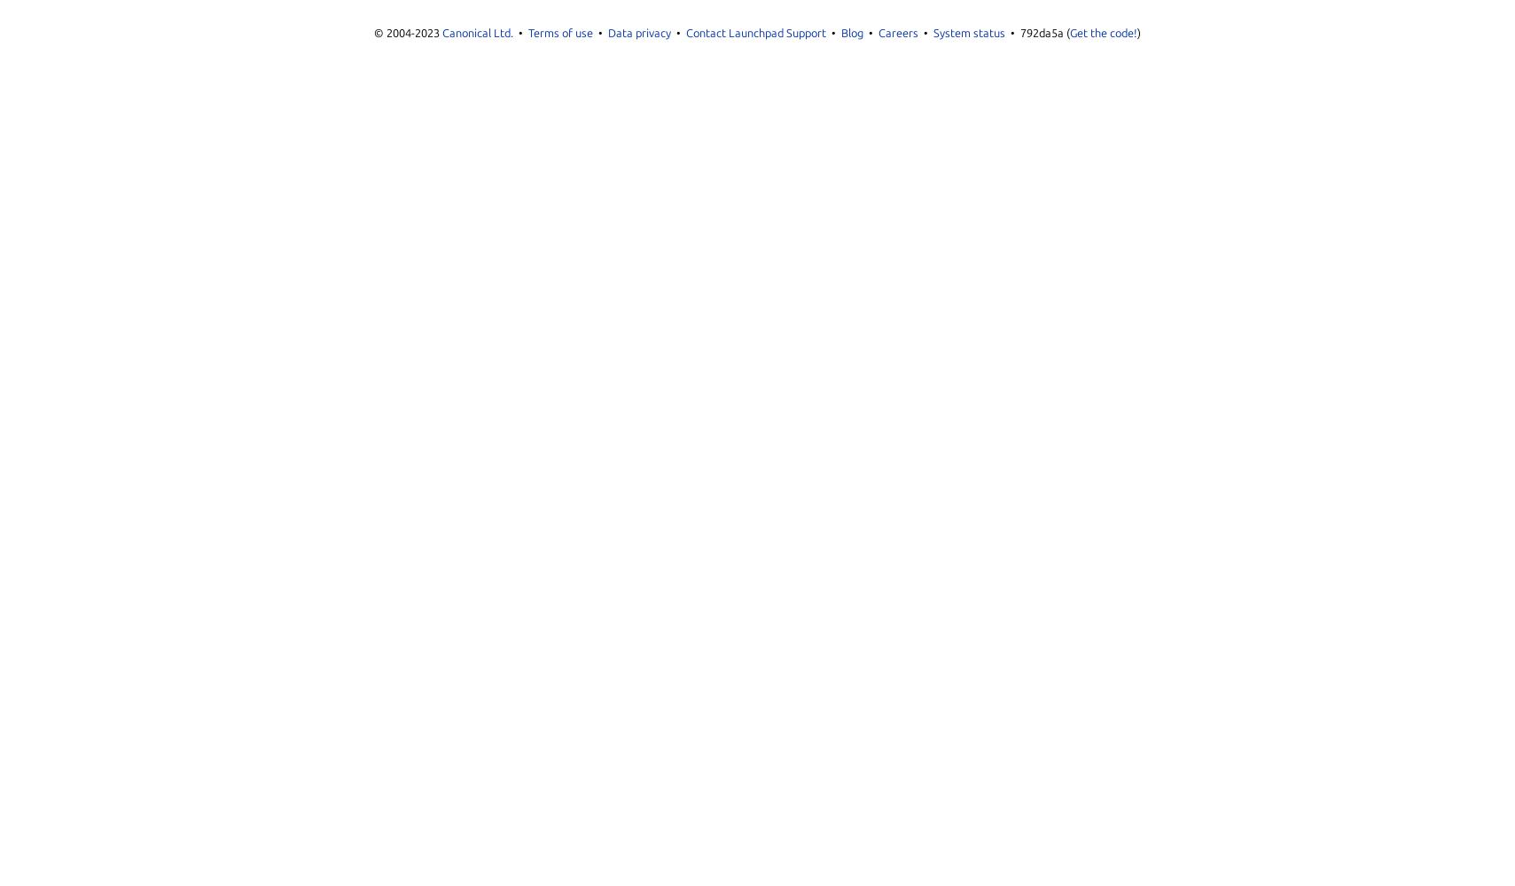  I want to click on ')', so click(1136, 33).